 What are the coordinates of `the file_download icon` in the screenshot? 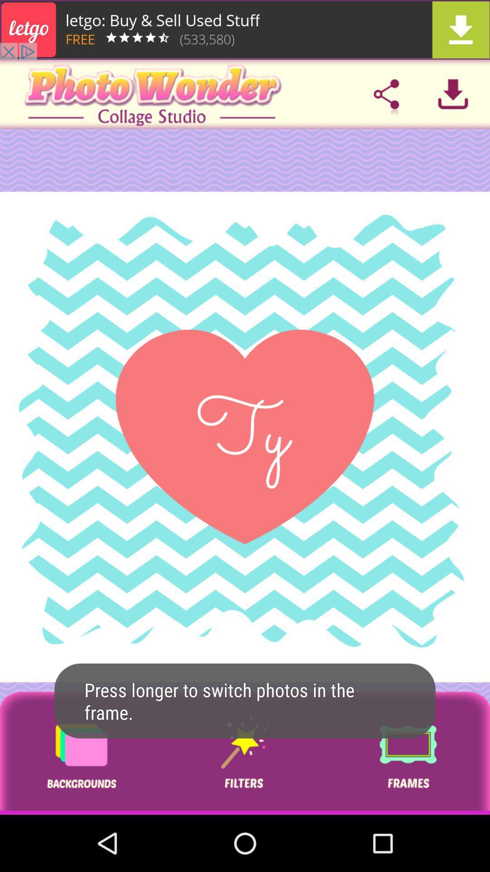 It's located at (453, 94).